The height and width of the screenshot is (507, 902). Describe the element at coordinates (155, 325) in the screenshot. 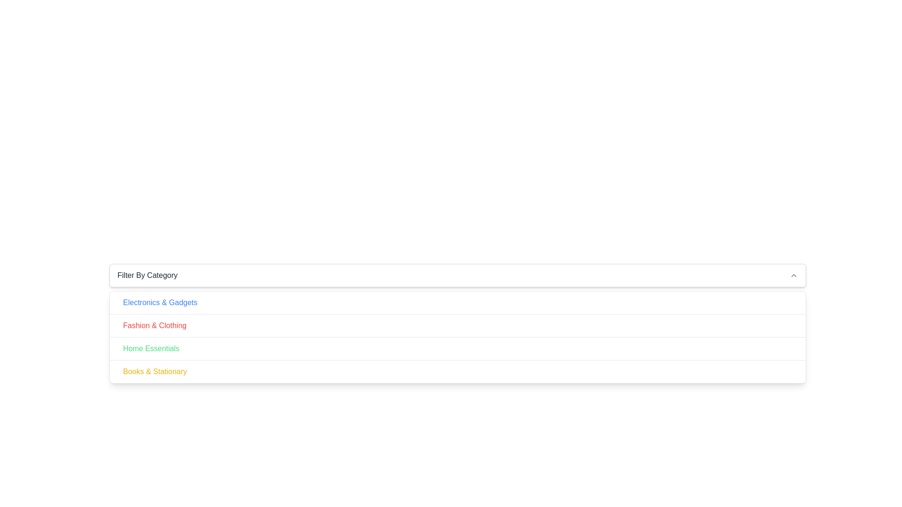

I see `the 'Fashion & Clothing' text label, which is styled in red font and is the second item in the category list under 'Filter By Category'` at that location.